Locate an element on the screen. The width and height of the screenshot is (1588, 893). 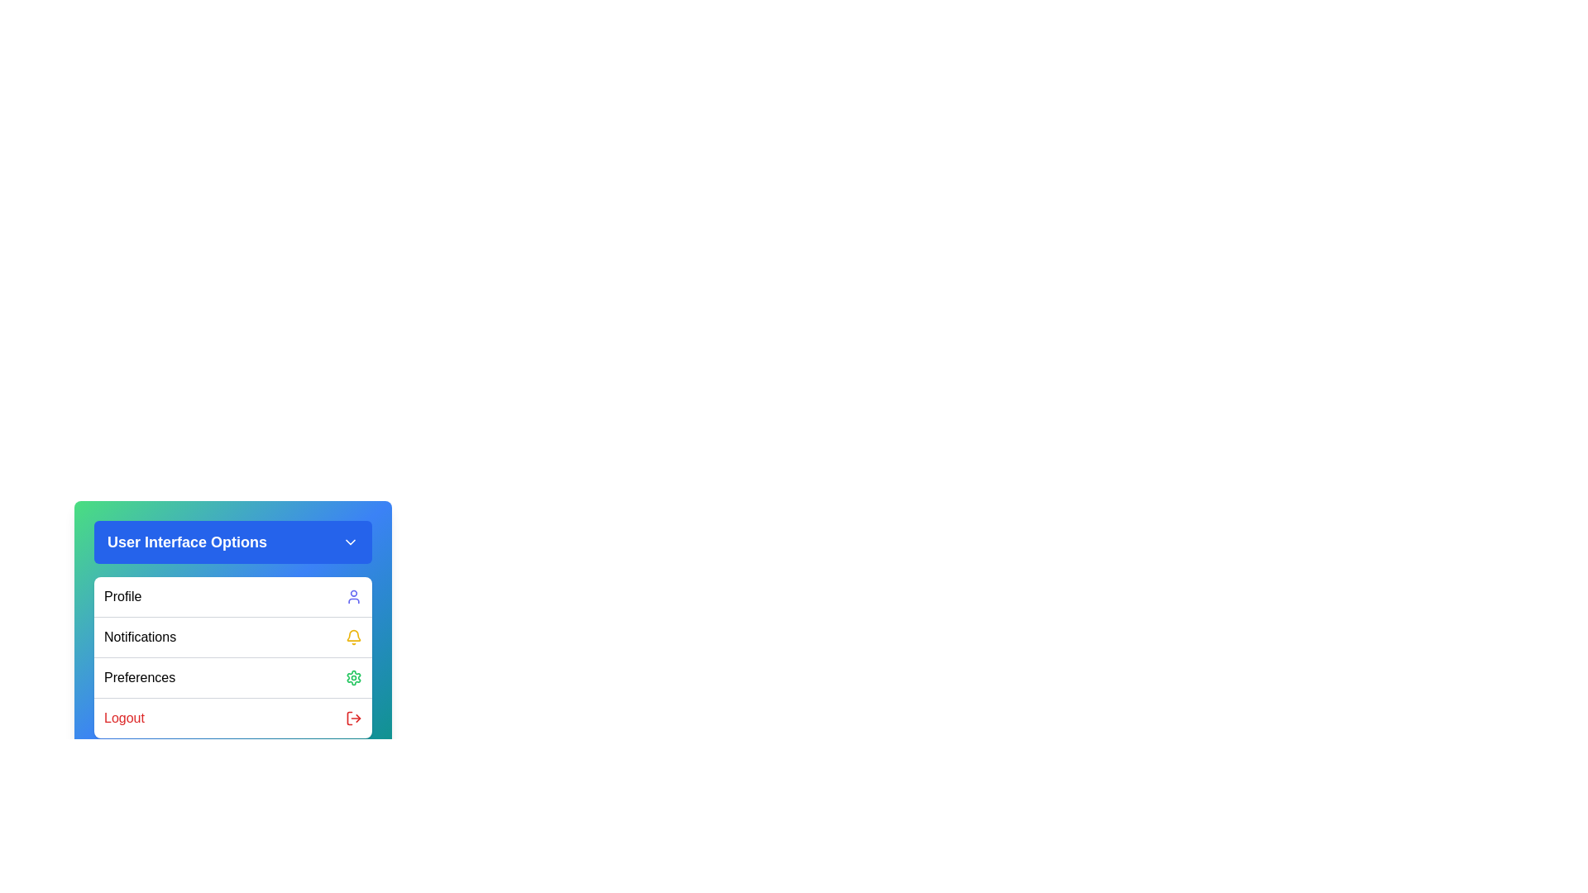
the 'Logout' option in the menu is located at coordinates (232, 717).